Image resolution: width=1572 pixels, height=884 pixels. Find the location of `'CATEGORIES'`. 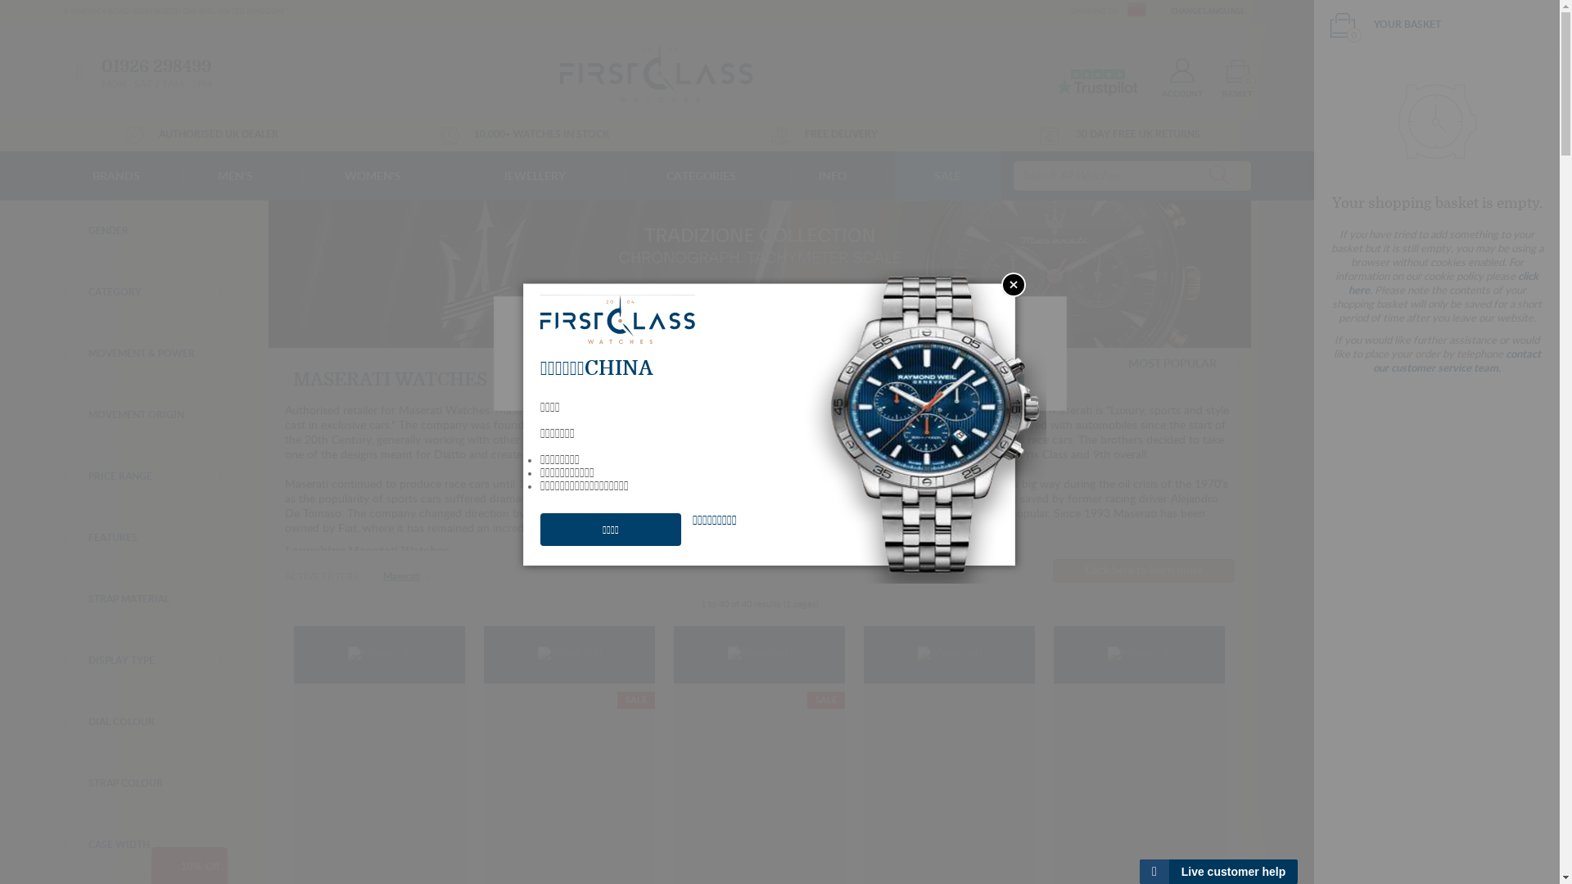

'CATEGORIES' is located at coordinates (624, 176).